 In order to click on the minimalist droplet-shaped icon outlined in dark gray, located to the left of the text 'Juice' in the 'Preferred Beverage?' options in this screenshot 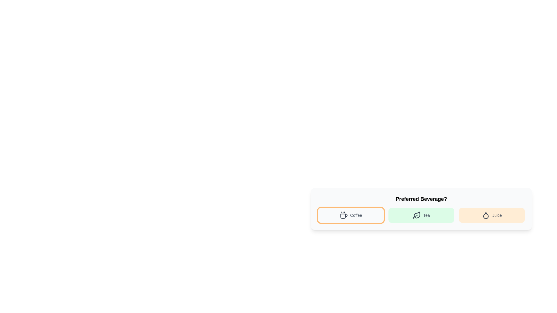, I will do `click(486, 215)`.